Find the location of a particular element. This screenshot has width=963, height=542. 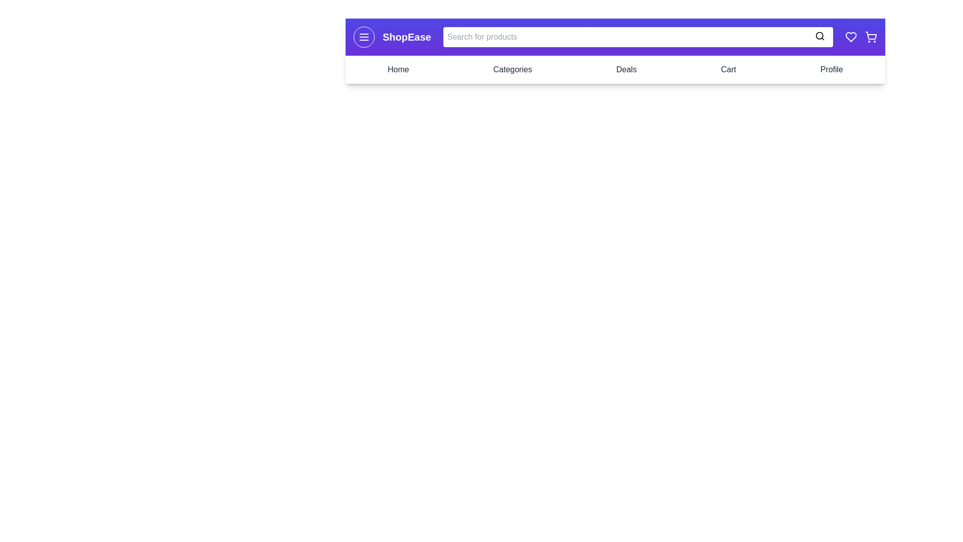

the navigation link Cart to navigate to the respective section is located at coordinates (728, 69).